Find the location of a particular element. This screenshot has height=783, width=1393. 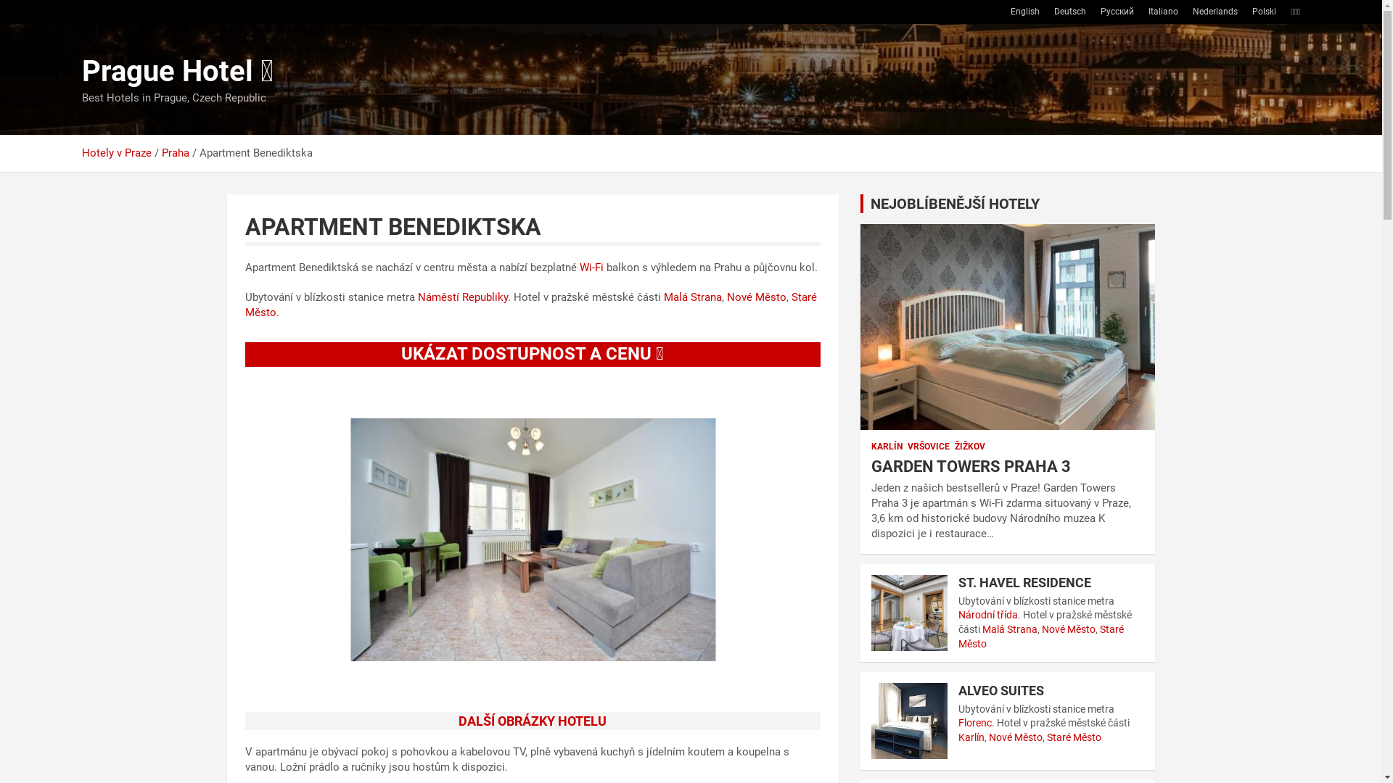

'English' is located at coordinates (1024, 12).